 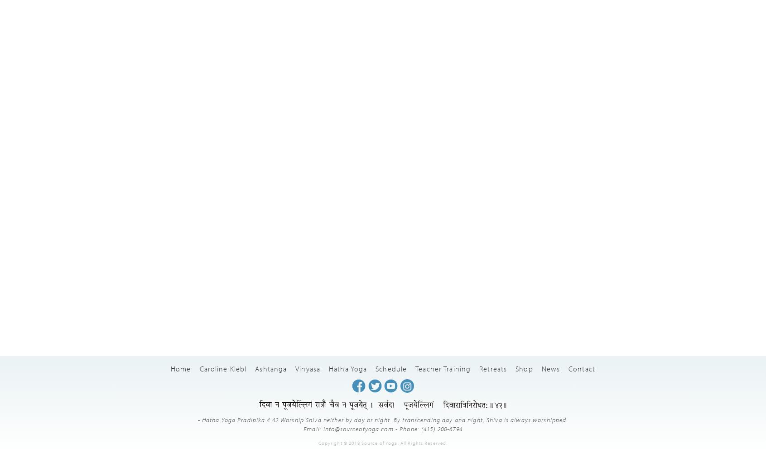 I want to click on 'Ashtanga', so click(x=270, y=368).